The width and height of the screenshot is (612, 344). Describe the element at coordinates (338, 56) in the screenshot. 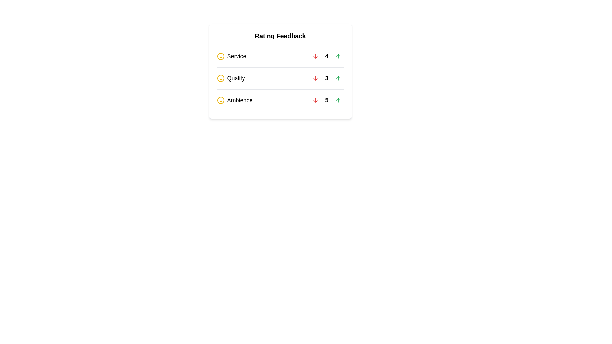

I see `the upward feedback icon located to the far right of the 'Service' row in the 'Rating Feedback' section, next to the numeric value '4'` at that location.